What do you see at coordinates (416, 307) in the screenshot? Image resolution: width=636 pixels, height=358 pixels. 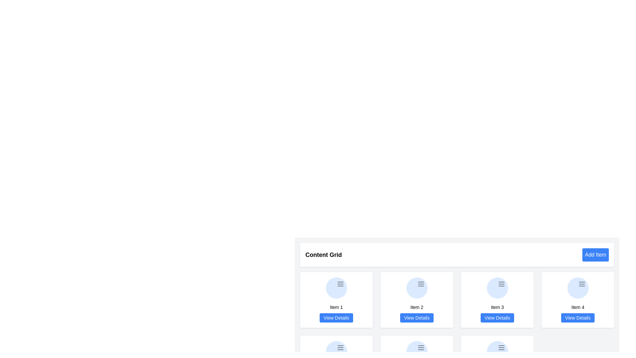 I see `the text label reading 'Item 2', which is styled with a small, medium weight font and is located within the second box of the 'Content Grid', positioned below an icon and above the 'View Details' button` at bounding box center [416, 307].